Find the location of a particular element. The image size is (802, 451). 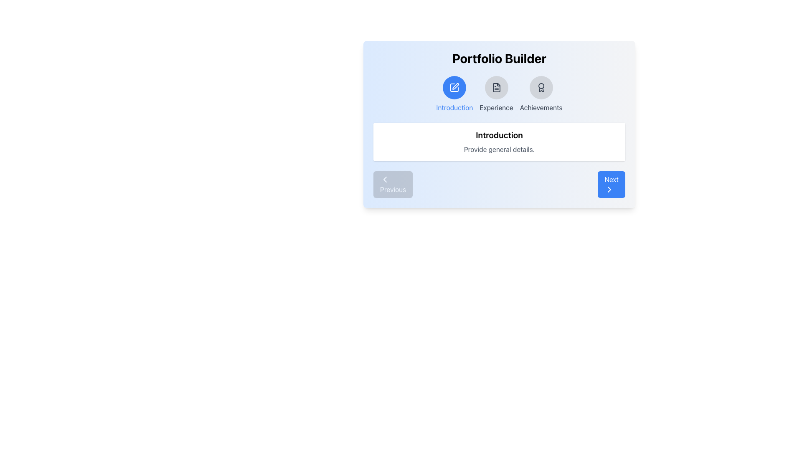

the text label displaying 'Portfolio Builder', which is prominently placed at the top-center of the panel and visually distinct due to its large, bold font style is located at coordinates (499, 58).